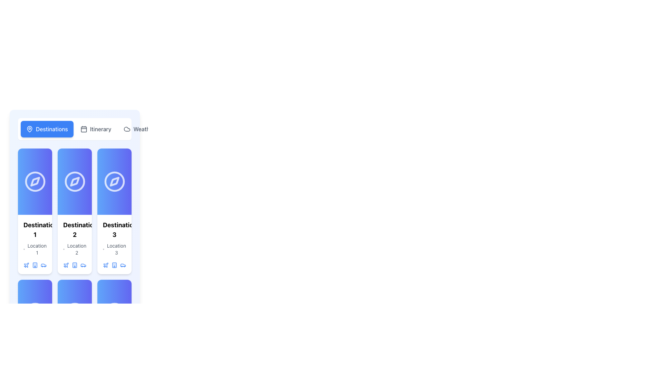  Describe the element at coordinates (75, 211) in the screenshot. I see `the second card in the grid layout, titled 'Destination 2'` at that location.